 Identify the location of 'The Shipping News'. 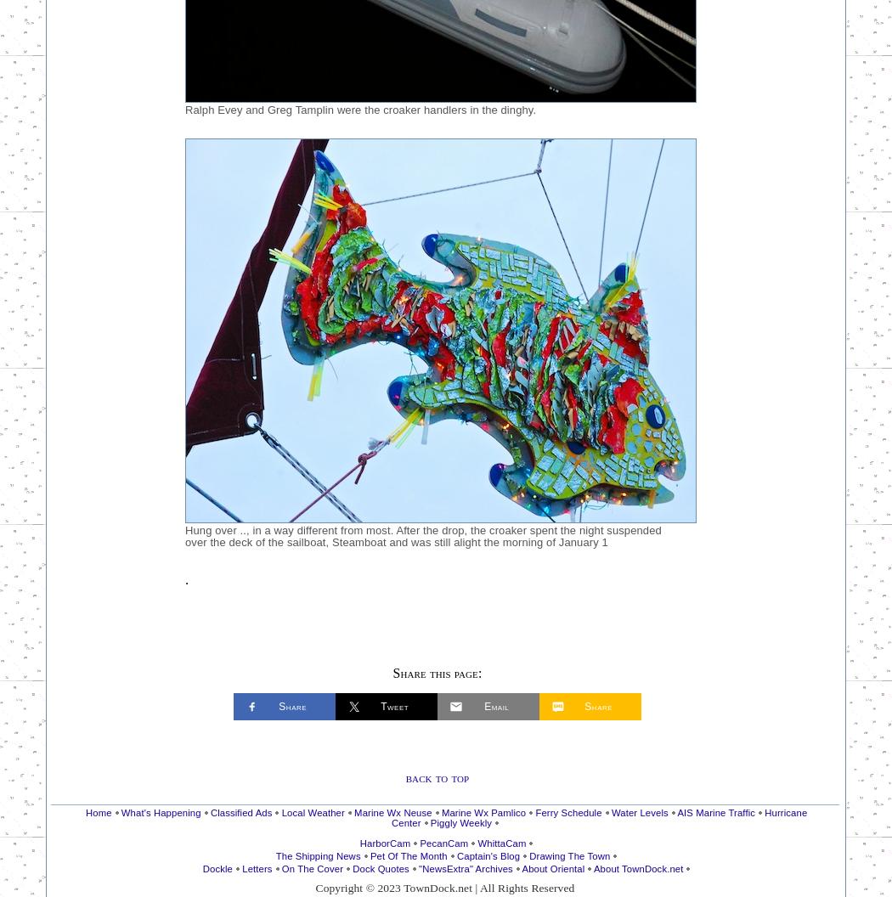
(317, 855).